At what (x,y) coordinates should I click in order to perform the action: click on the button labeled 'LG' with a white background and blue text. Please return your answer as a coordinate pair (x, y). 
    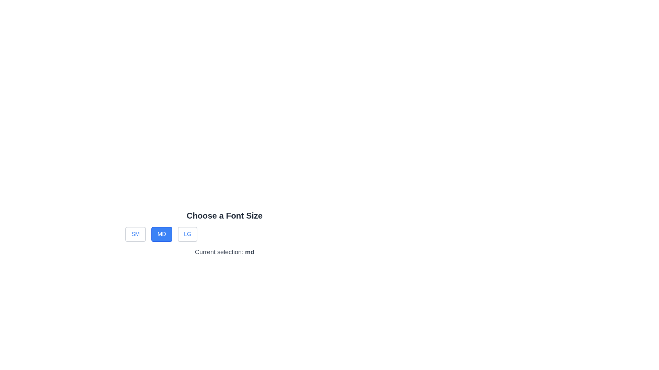
    Looking at the image, I should click on (187, 234).